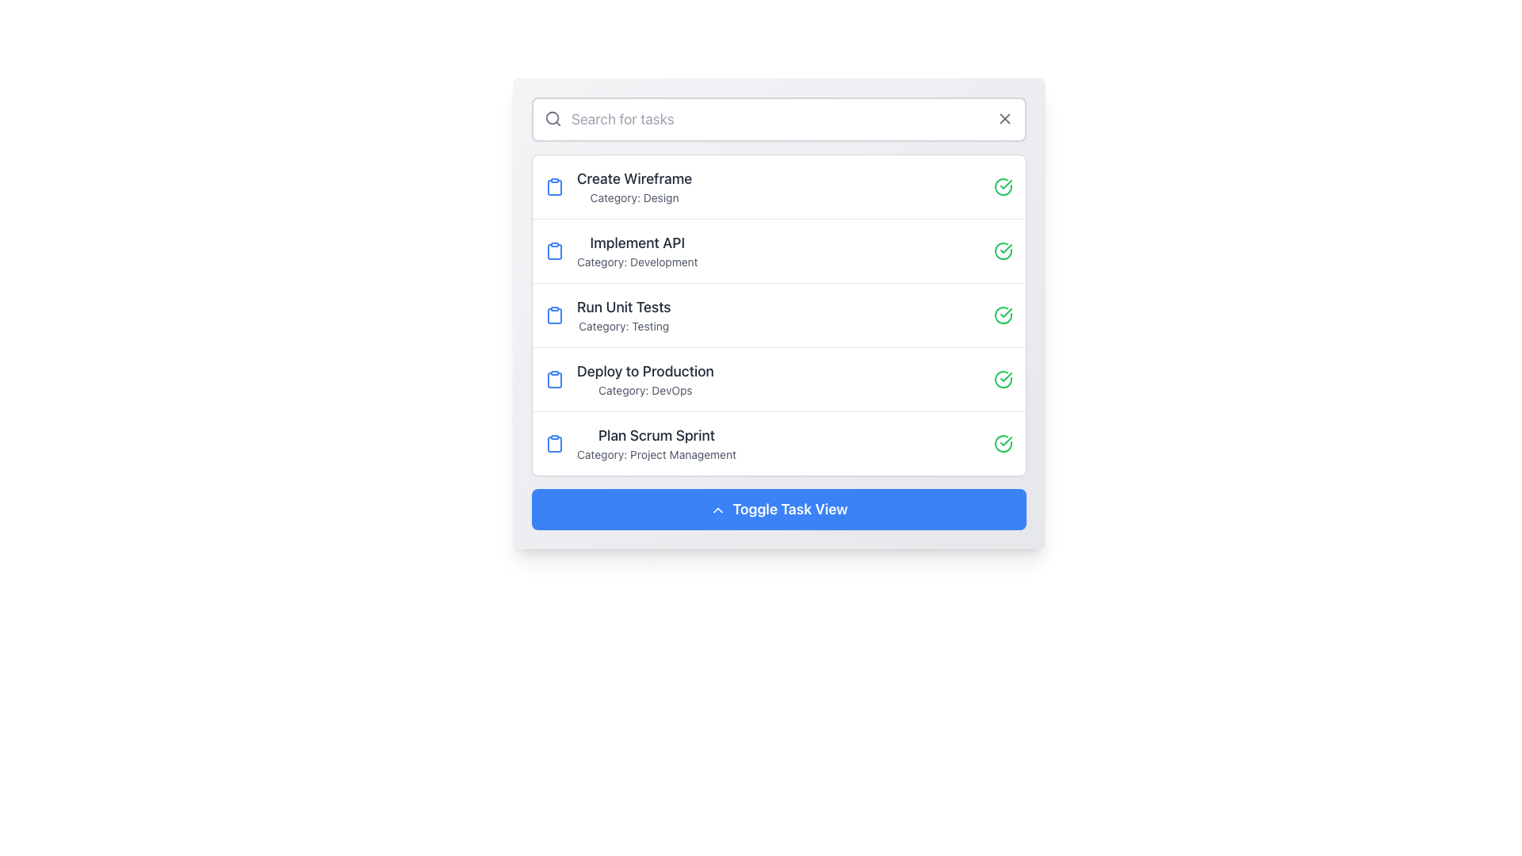 This screenshot has width=1522, height=856. Describe the element at coordinates (656, 455) in the screenshot. I see `text label element displaying 'Category: Project Management', which is positioned below the title 'Plan Scrum Sprint' in the fifth task entry` at that location.